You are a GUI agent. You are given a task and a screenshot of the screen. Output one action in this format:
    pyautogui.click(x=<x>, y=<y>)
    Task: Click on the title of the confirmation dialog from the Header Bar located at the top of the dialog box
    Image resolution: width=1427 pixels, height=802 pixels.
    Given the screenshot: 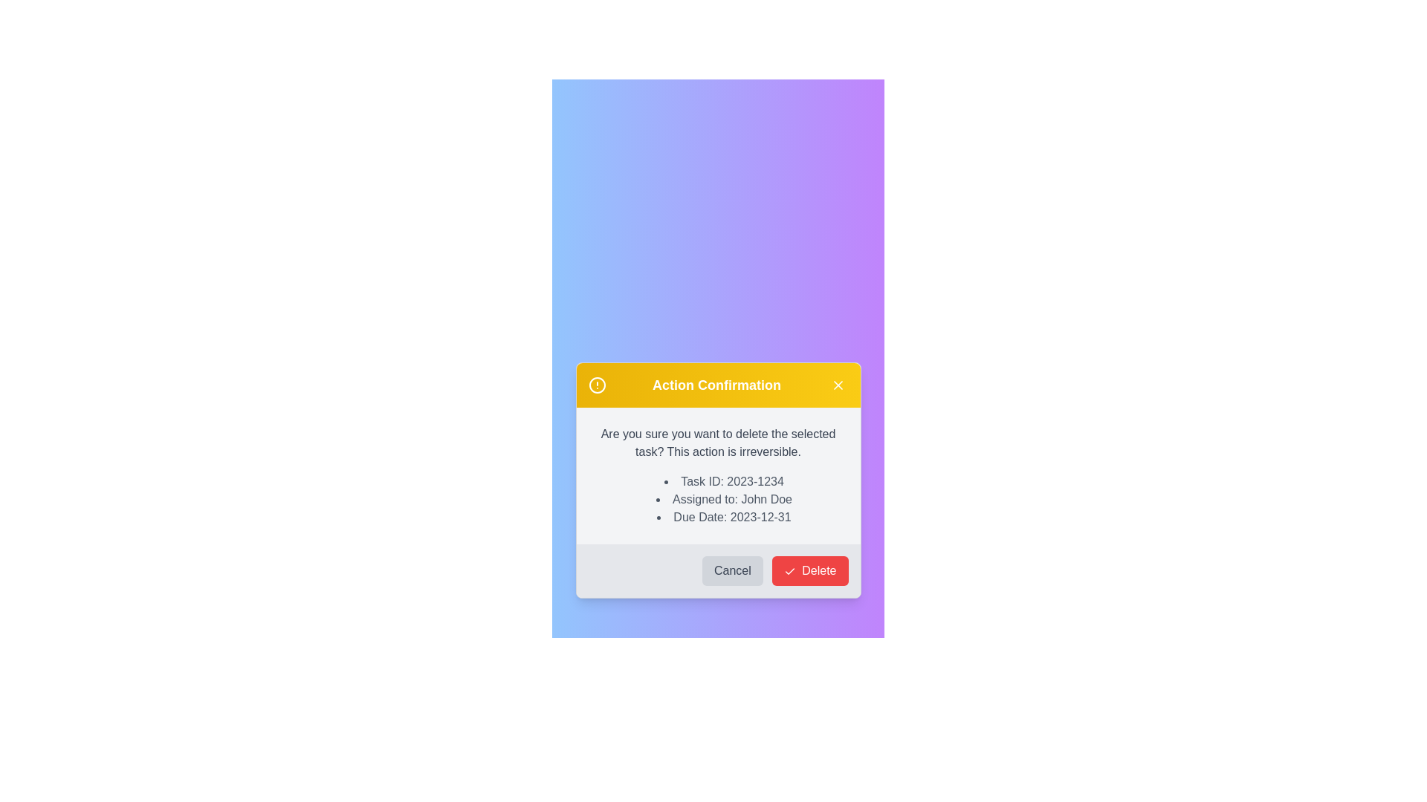 What is the action you would take?
    pyautogui.click(x=718, y=385)
    